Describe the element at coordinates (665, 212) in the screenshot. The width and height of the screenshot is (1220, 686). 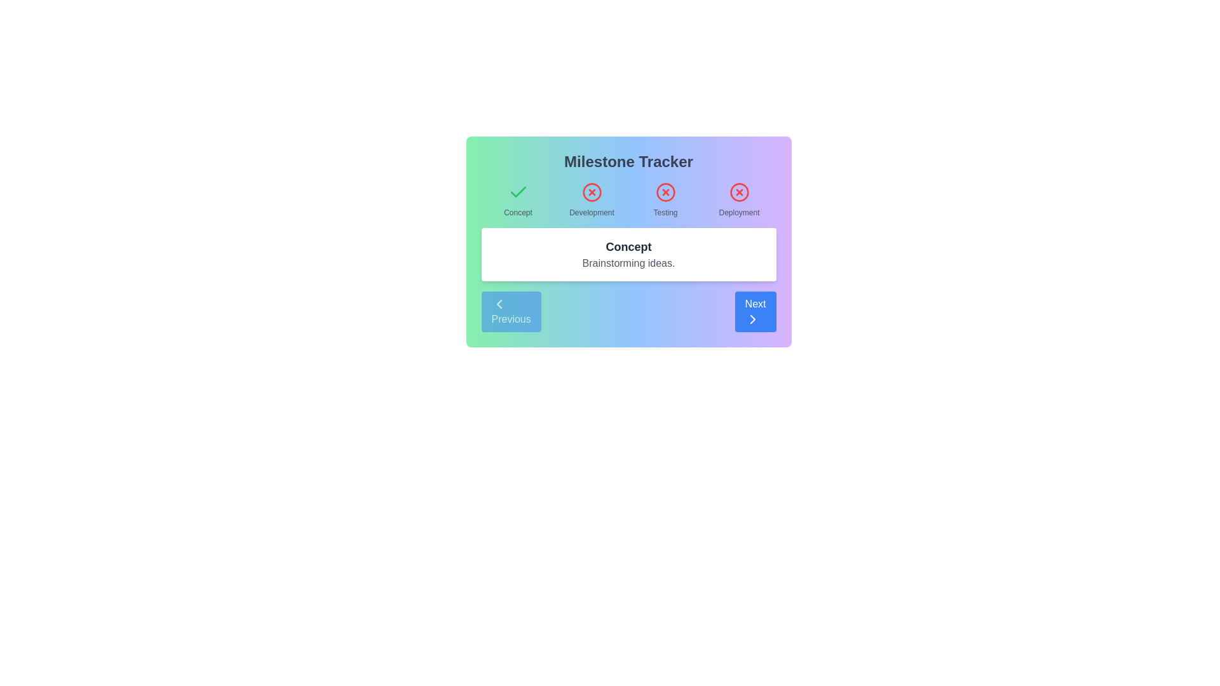
I see `the static text label displaying 'Testing', which is located below the red 'X' icon in the milestone tracker layout` at that location.